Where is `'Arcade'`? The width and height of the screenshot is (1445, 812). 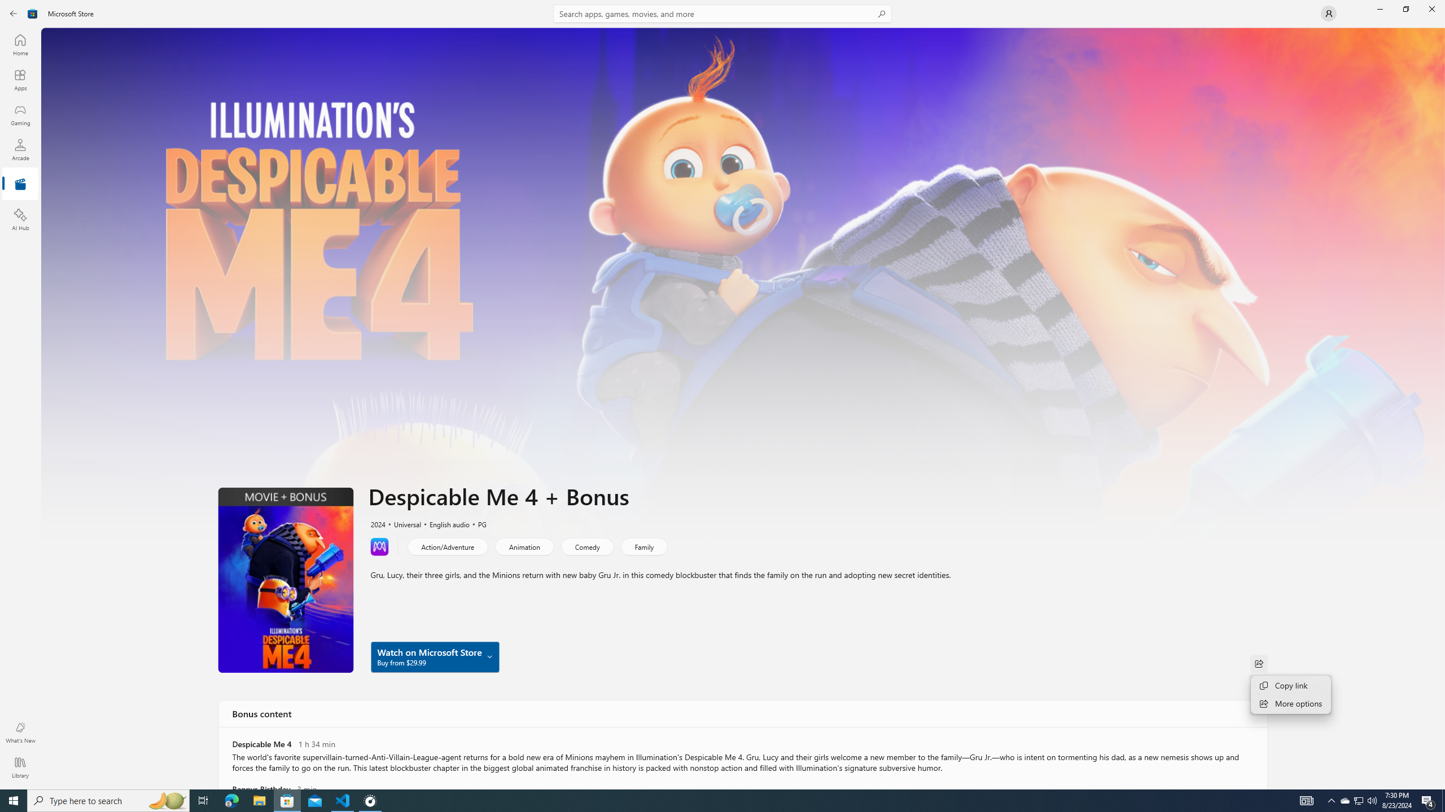 'Arcade' is located at coordinates (19, 149).